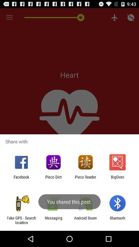 The height and width of the screenshot is (247, 139). Describe the element at coordinates (85, 179) in the screenshot. I see `app to the left of bigoven app` at that location.